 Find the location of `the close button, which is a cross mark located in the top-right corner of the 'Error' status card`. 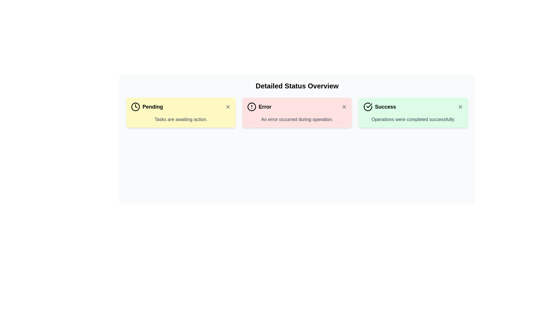

the close button, which is a cross mark located in the top-right corner of the 'Error' status card is located at coordinates (344, 107).